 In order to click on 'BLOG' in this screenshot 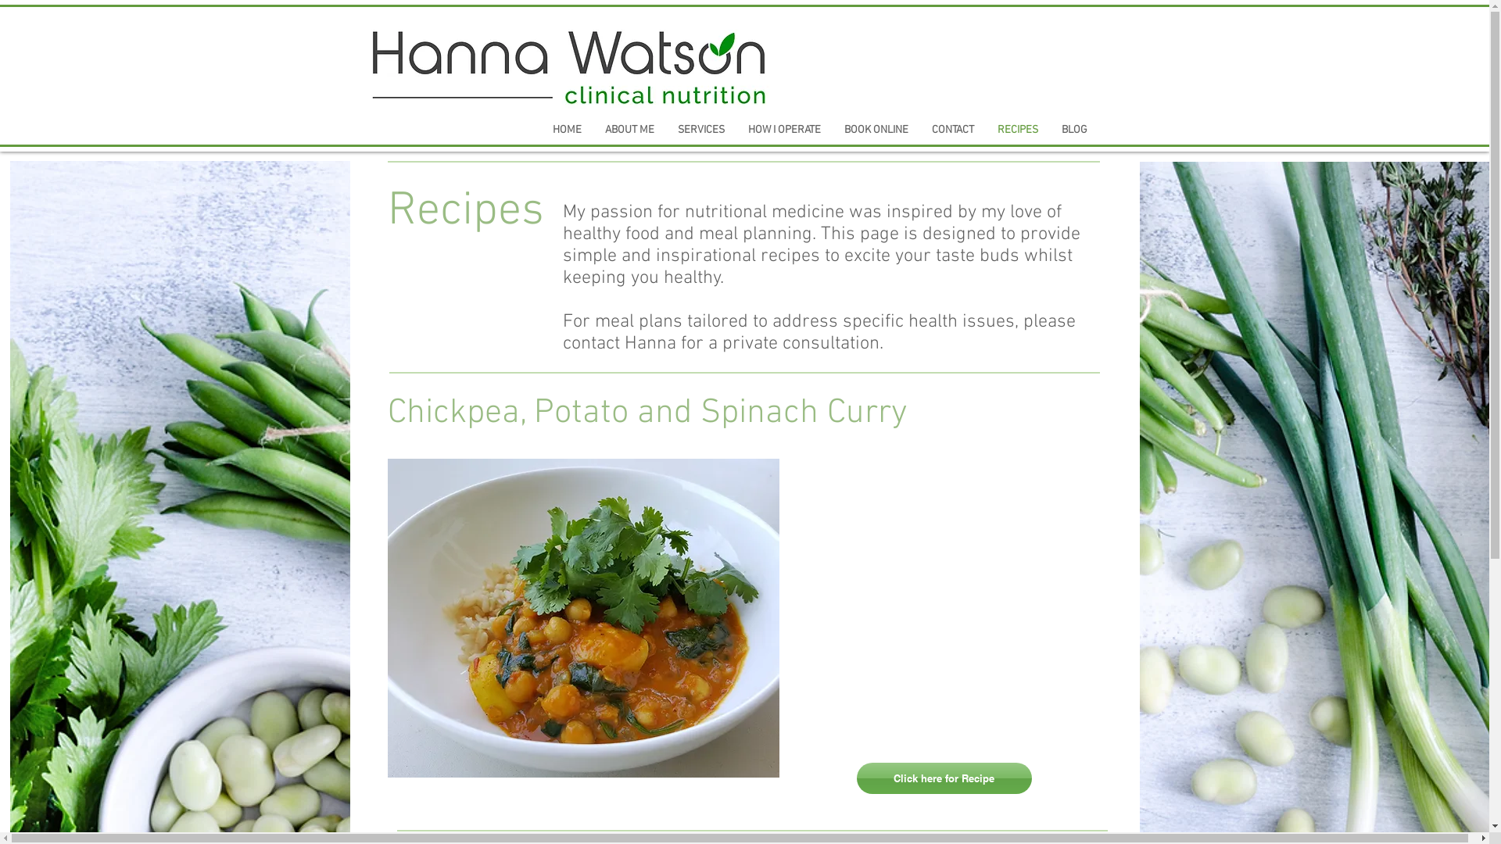, I will do `click(1073, 129)`.